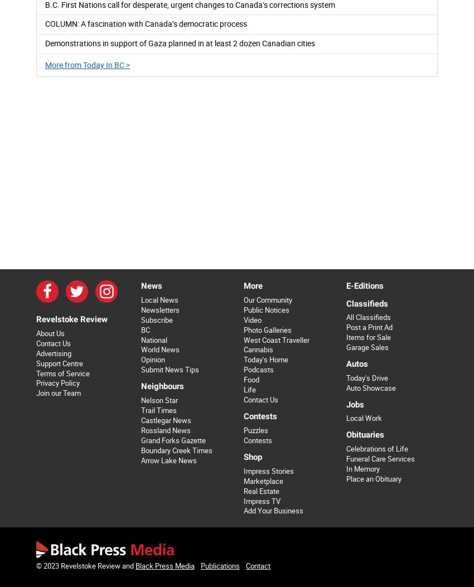  Describe the element at coordinates (36, 333) in the screenshot. I see `'About Us'` at that location.